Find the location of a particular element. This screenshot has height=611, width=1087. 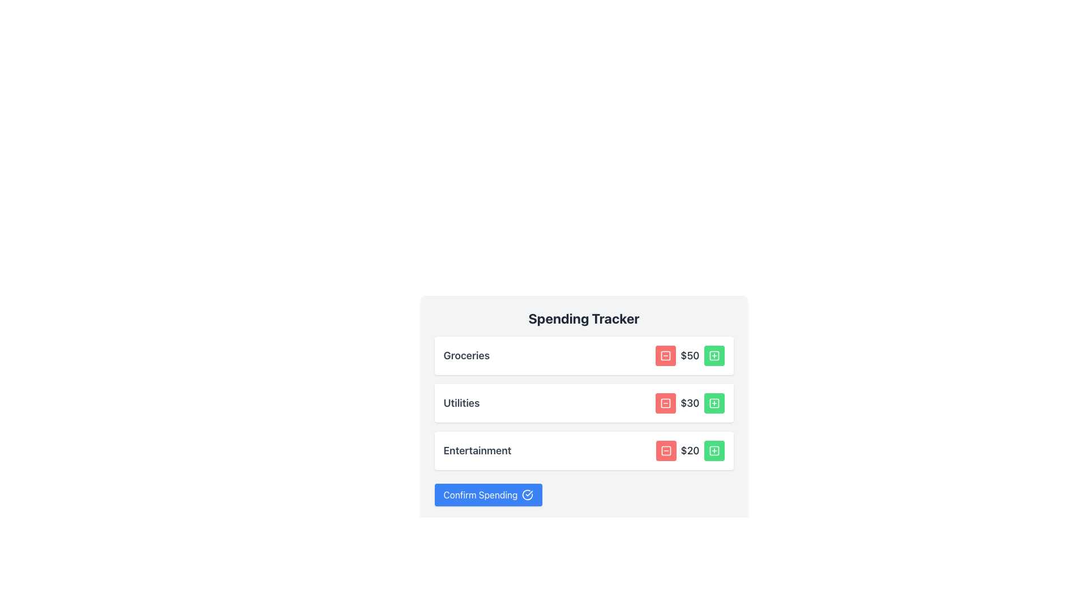

the second red square button with a white minus symbol located in the 'Utilities' row is located at coordinates (666, 403).